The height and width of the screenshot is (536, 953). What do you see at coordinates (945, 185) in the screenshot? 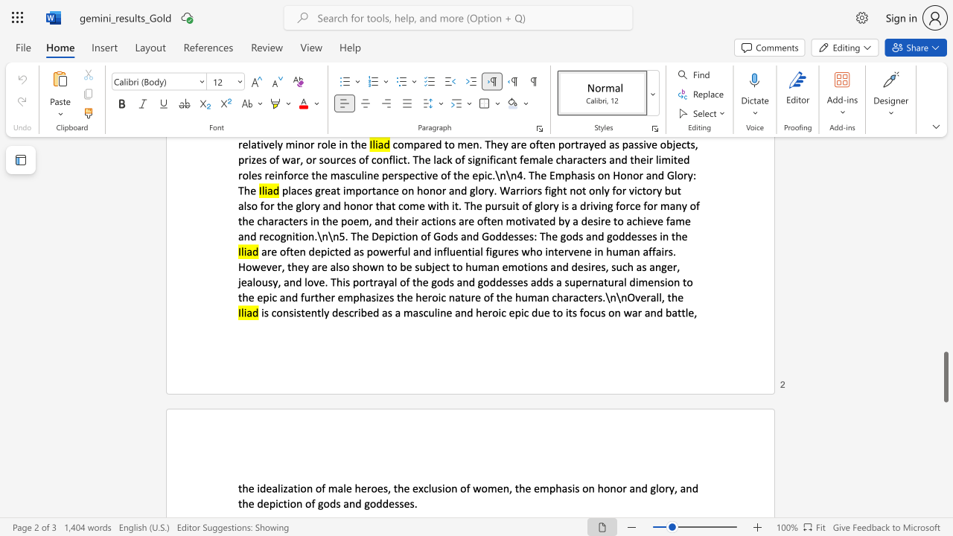
I see `the right-hand scrollbar to ascend the page` at bounding box center [945, 185].